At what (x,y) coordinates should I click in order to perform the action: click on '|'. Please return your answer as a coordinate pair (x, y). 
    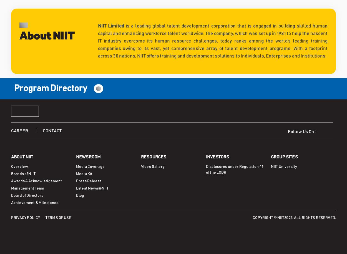
    Looking at the image, I should click on (39, 131).